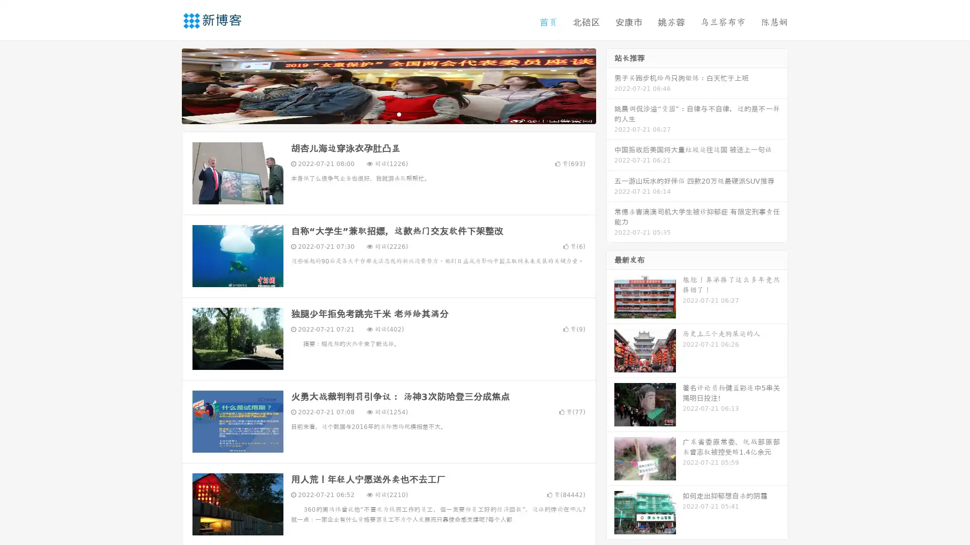 The image size is (970, 545). What do you see at coordinates (399, 114) in the screenshot?
I see `Go to slide 3` at bounding box center [399, 114].